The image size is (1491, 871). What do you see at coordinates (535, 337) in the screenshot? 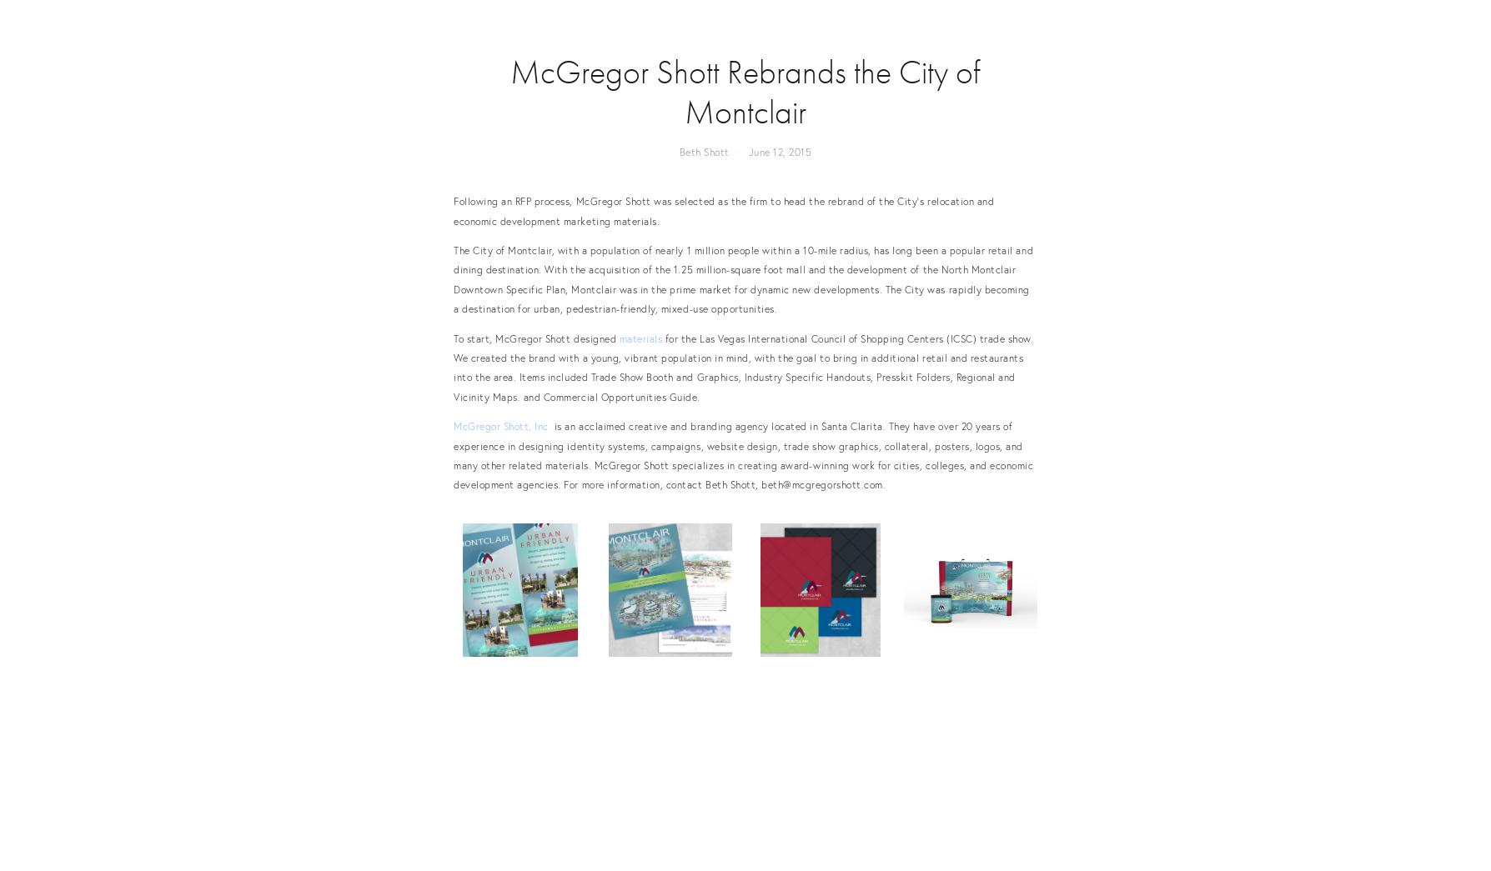
I see `'To start, McGregor Shott designed'` at bounding box center [535, 337].